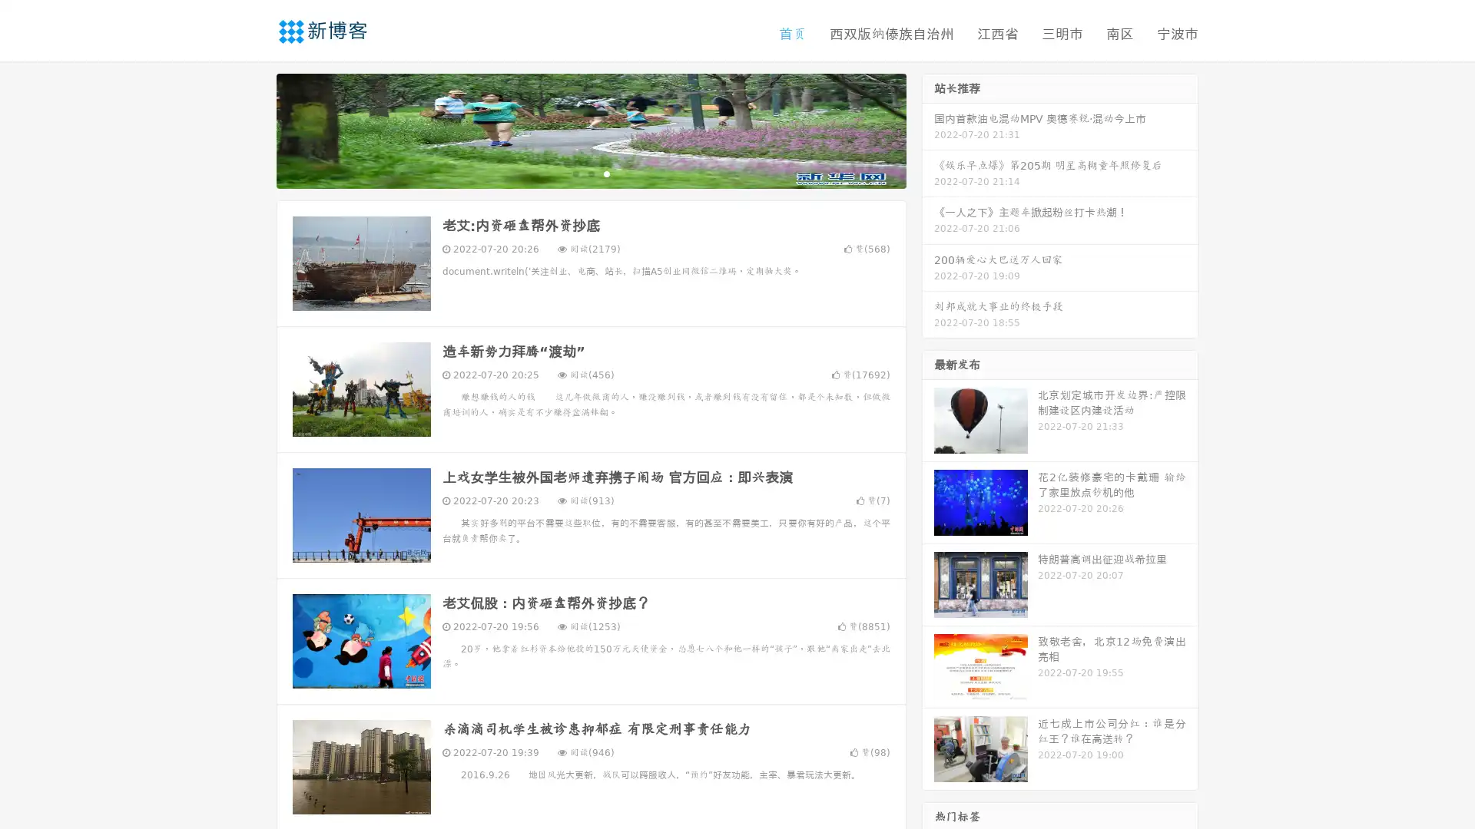 The width and height of the screenshot is (1475, 829). Describe the element at coordinates (590, 173) in the screenshot. I see `Go to slide 2` at that location.